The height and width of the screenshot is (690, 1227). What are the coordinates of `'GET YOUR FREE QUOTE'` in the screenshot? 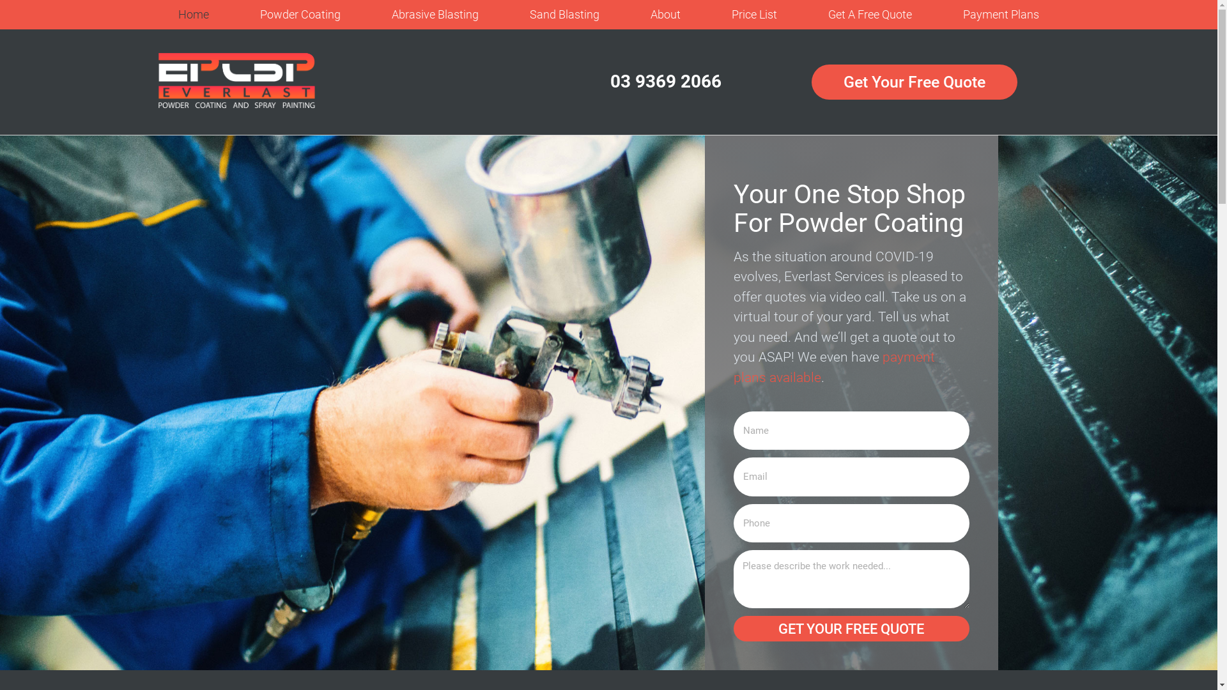 It's located at (852, 627).